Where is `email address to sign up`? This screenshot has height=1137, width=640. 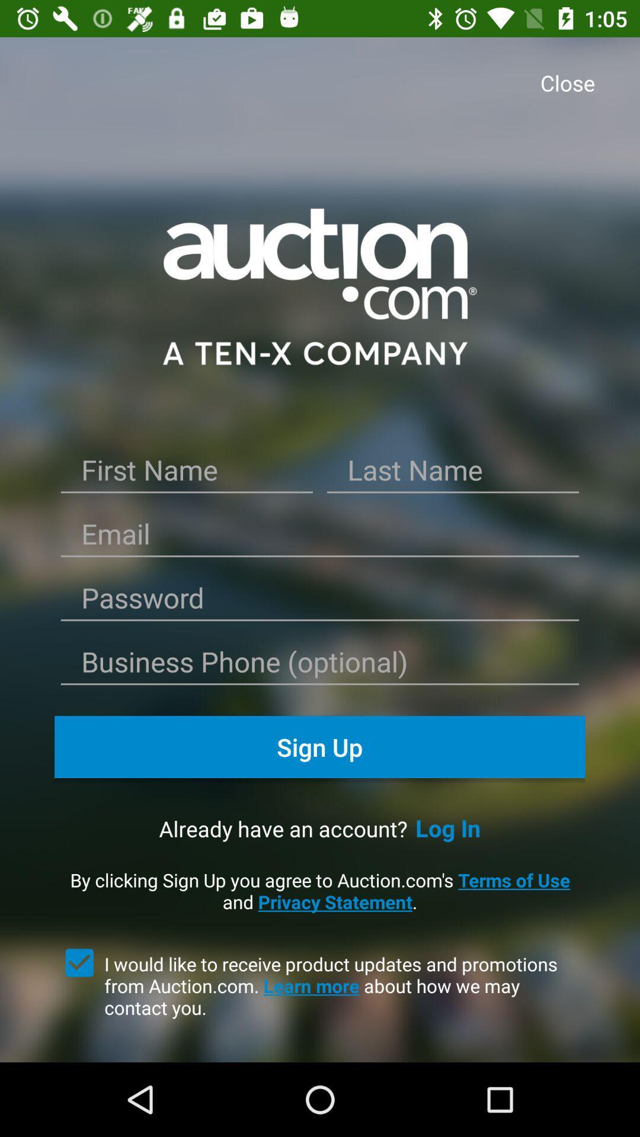 email address to sign up is located at coordinates (320, 537).